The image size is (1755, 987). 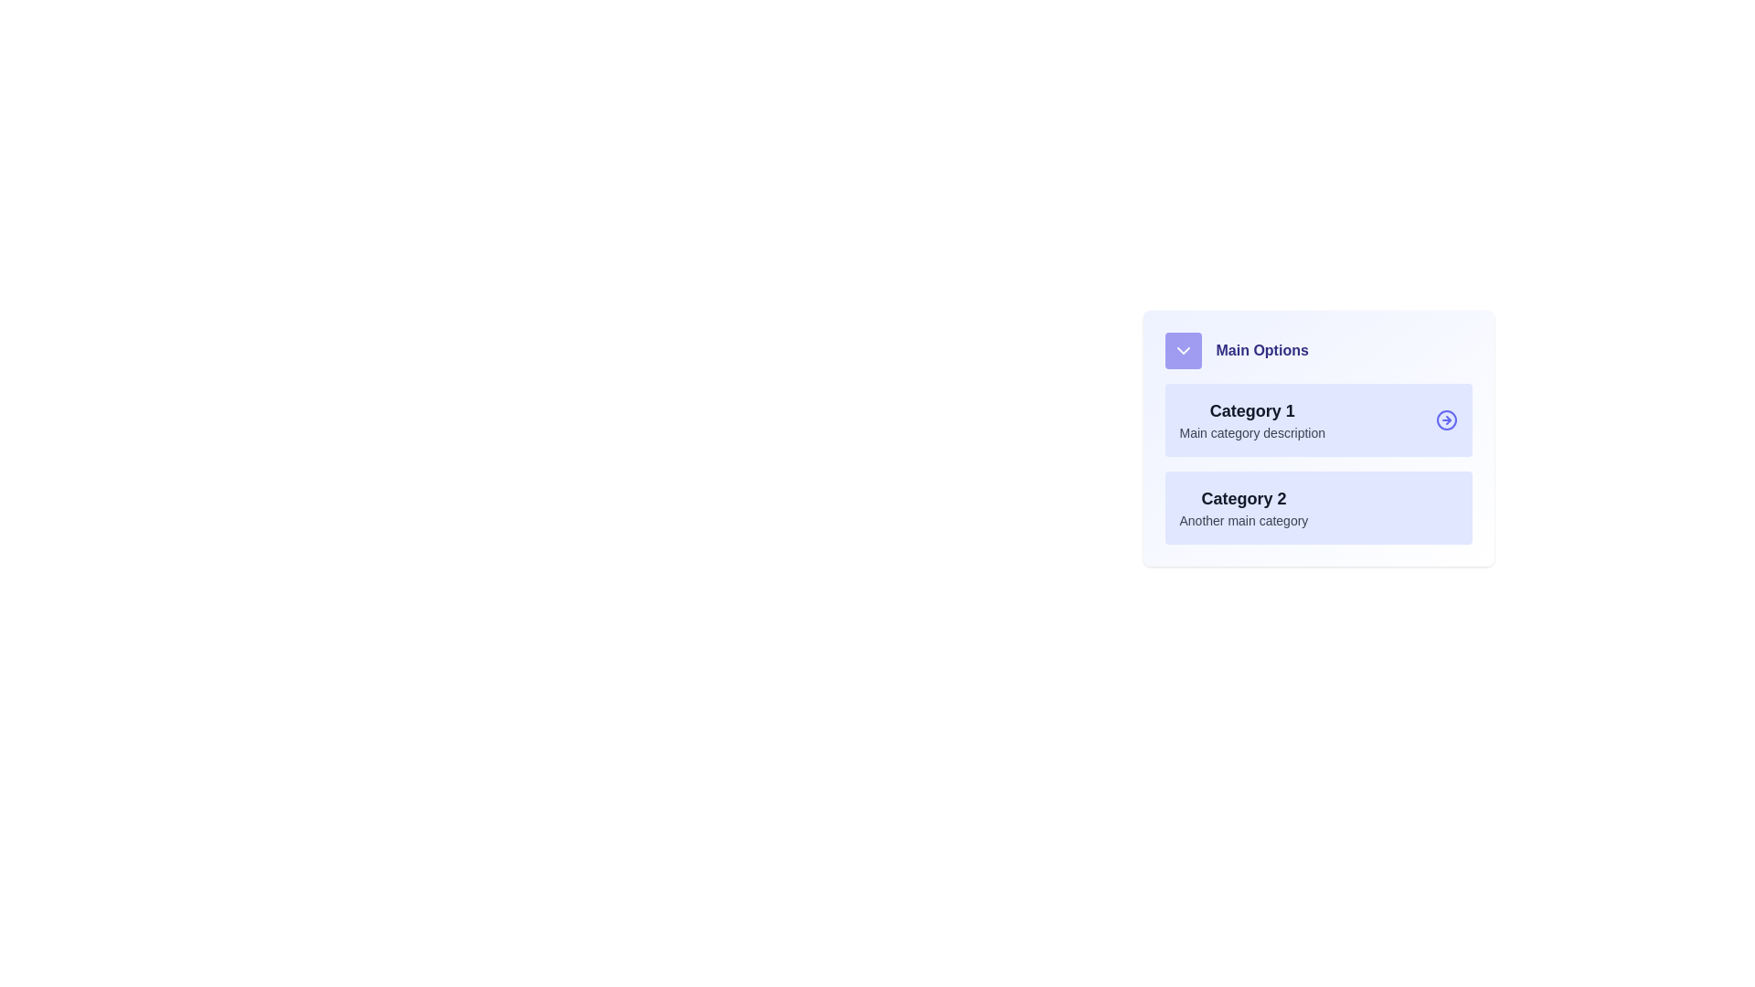 I want to click on the 'Category 2' option located within the Interactive section of the 'Main Options' card, so click(x=1318, y=463).